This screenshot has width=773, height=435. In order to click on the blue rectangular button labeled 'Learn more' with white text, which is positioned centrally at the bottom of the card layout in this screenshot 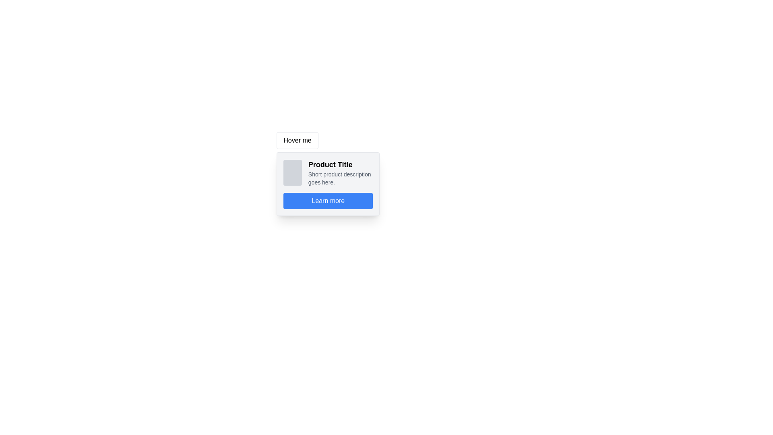, I will do `click(328, 200)`.